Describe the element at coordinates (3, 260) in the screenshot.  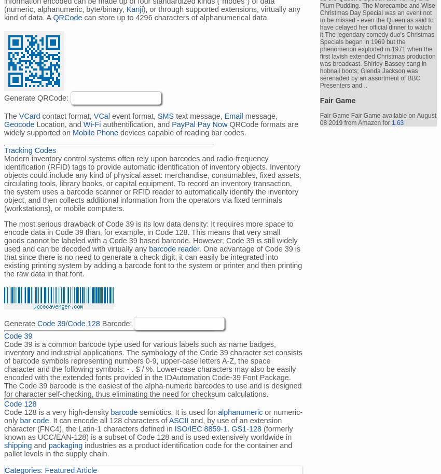
I see `'. One advantage of Code 39 is that since there is no need to generate a check digit, it can easily be integrated into existing printing system by adding a barcode font to the system or printer and then printing the raw data in that font.'` at that location.